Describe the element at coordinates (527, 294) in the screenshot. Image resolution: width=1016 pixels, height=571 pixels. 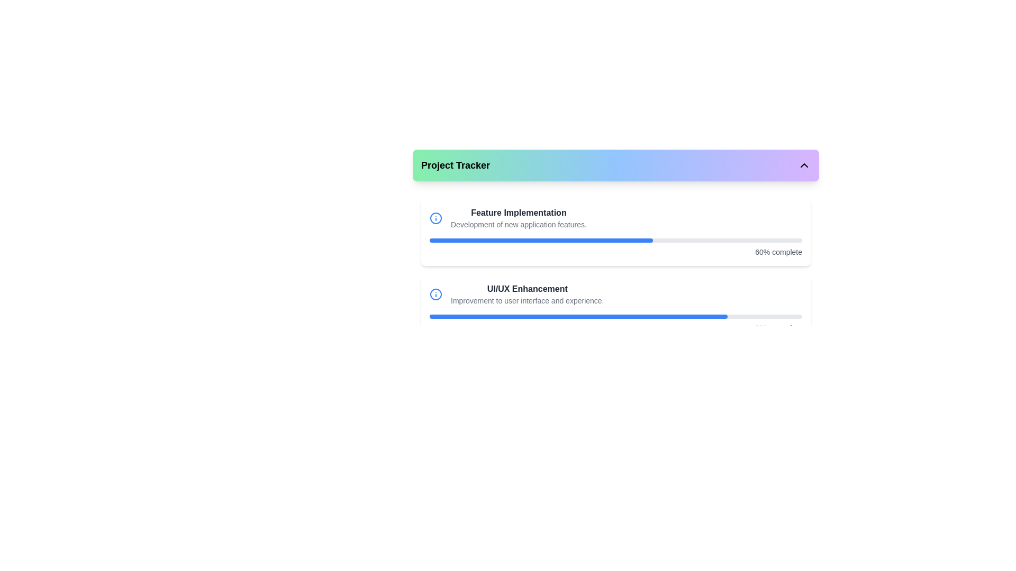
I see `the text block displaying 'UI/UX Enhancement' which is located below the 'Feature Implementation' section in the project tracker interface` at that location.